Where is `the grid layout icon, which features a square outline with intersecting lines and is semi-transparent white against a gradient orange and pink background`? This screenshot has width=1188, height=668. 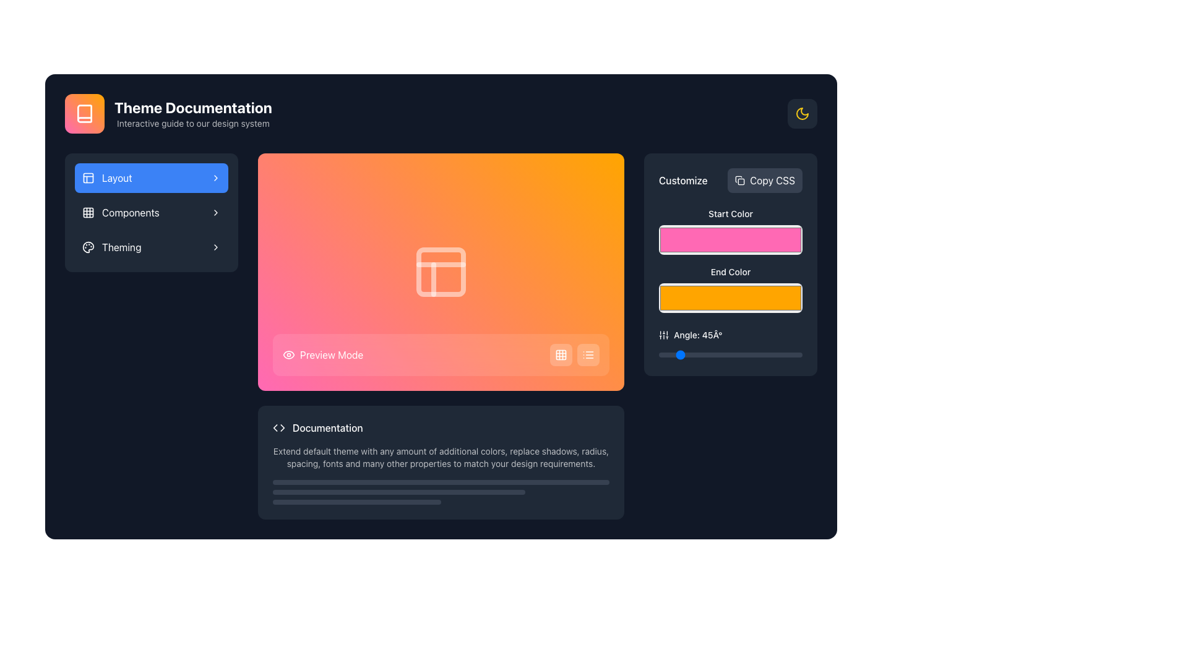
the grid layout icon, which features a square outline with intersecting lines and is semi-transparent white against a gradient orange and pink background is located at coordinates (441, 271).